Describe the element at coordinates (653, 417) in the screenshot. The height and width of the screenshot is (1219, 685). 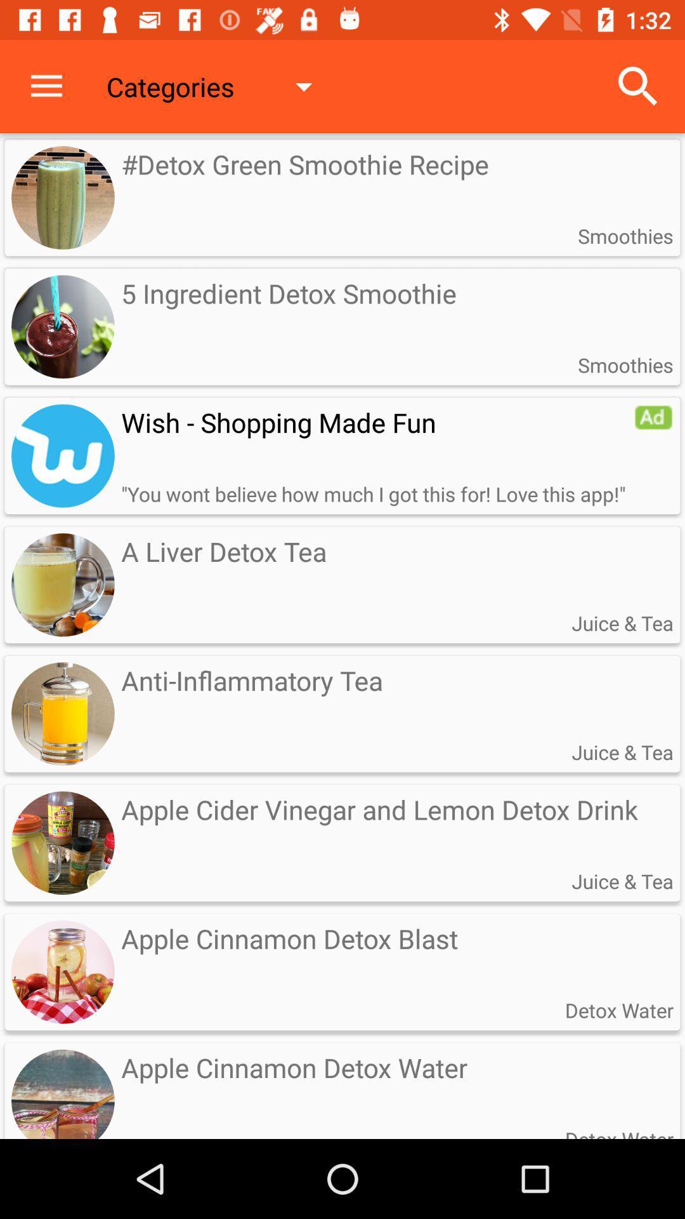
I see `icon above the juice & tea item` at that location.